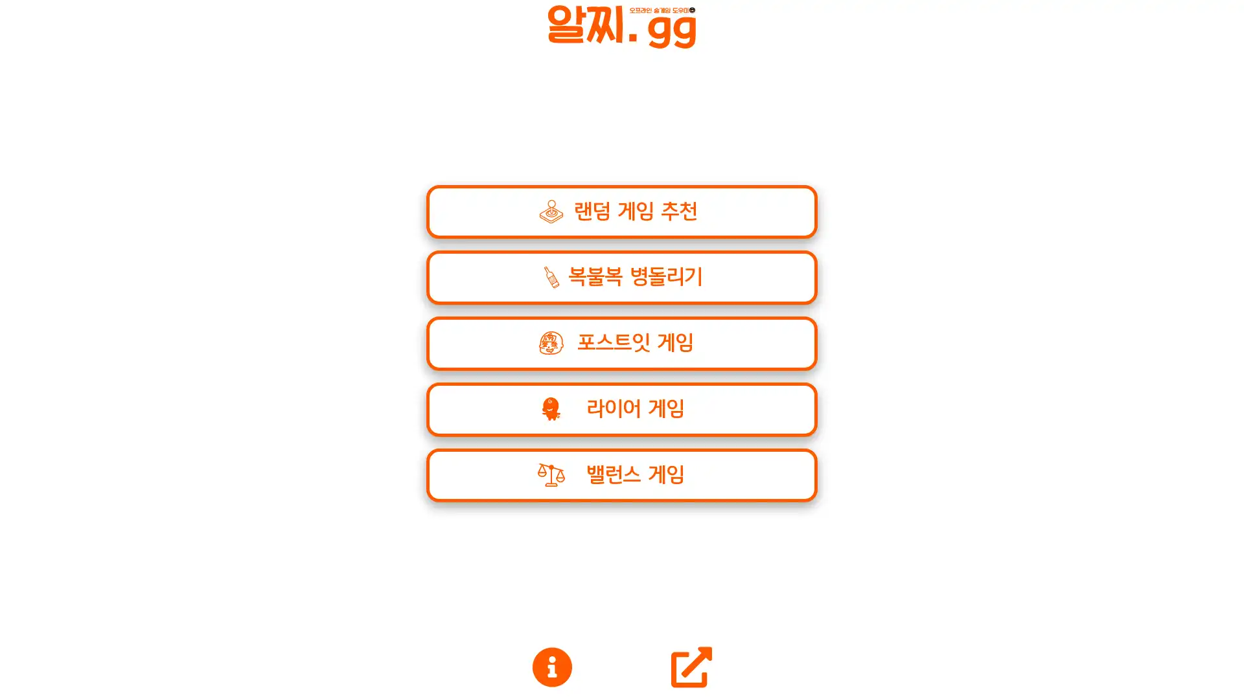 The image size is (1244, 699). Describe the element at coordinates (621, 211) in the screenshot. I see `bottle` at that location.